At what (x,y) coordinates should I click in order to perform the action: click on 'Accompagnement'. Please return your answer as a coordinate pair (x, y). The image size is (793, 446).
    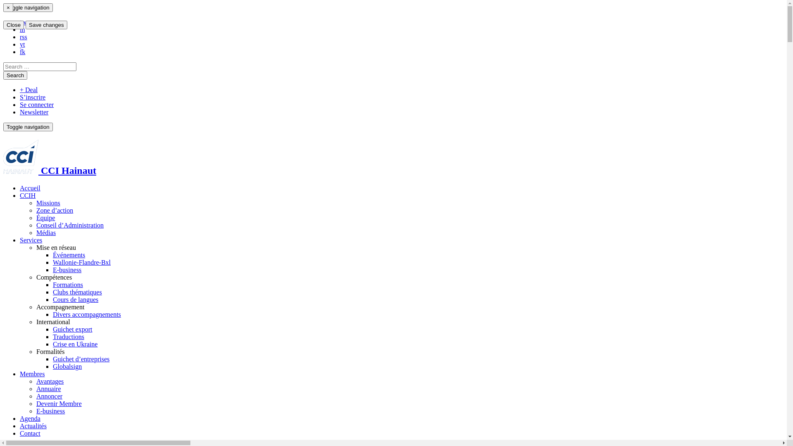
    Looking at the image, I should click on (59, 307).